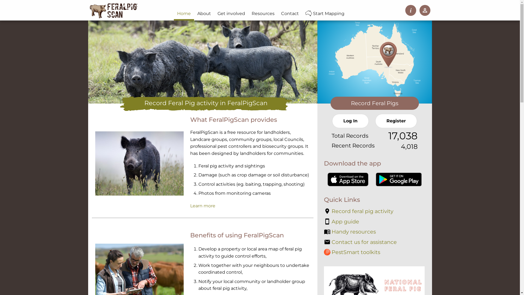 This screenshot has width=524, height=295. What do you see at coordinates (194, 13) in the screenshot?
I see `'About'` at bounding box center [194, 13].